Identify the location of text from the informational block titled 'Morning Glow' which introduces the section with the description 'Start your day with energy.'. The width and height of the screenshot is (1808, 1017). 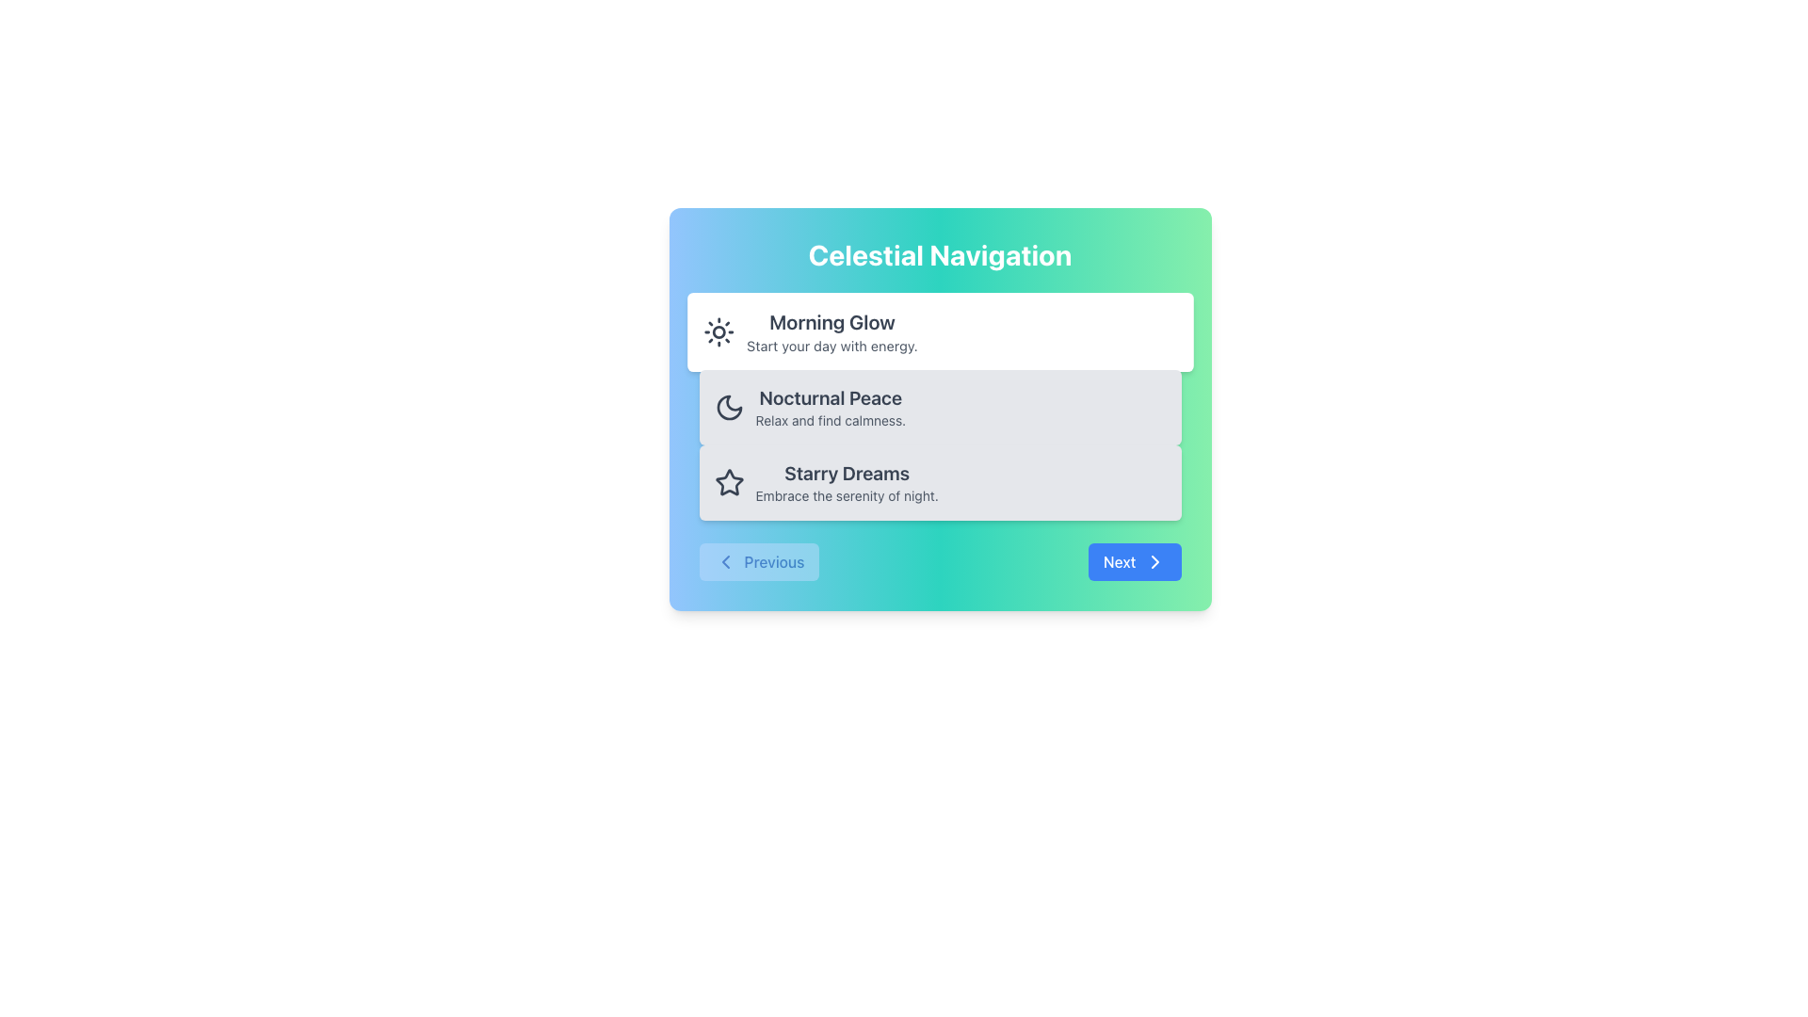
(831, 331).